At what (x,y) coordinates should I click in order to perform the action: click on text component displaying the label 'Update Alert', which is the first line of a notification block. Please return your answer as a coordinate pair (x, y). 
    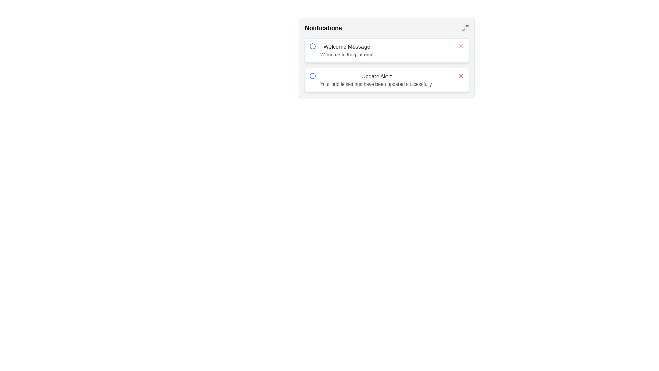
    Looking at the image, I should click on (376, 77).